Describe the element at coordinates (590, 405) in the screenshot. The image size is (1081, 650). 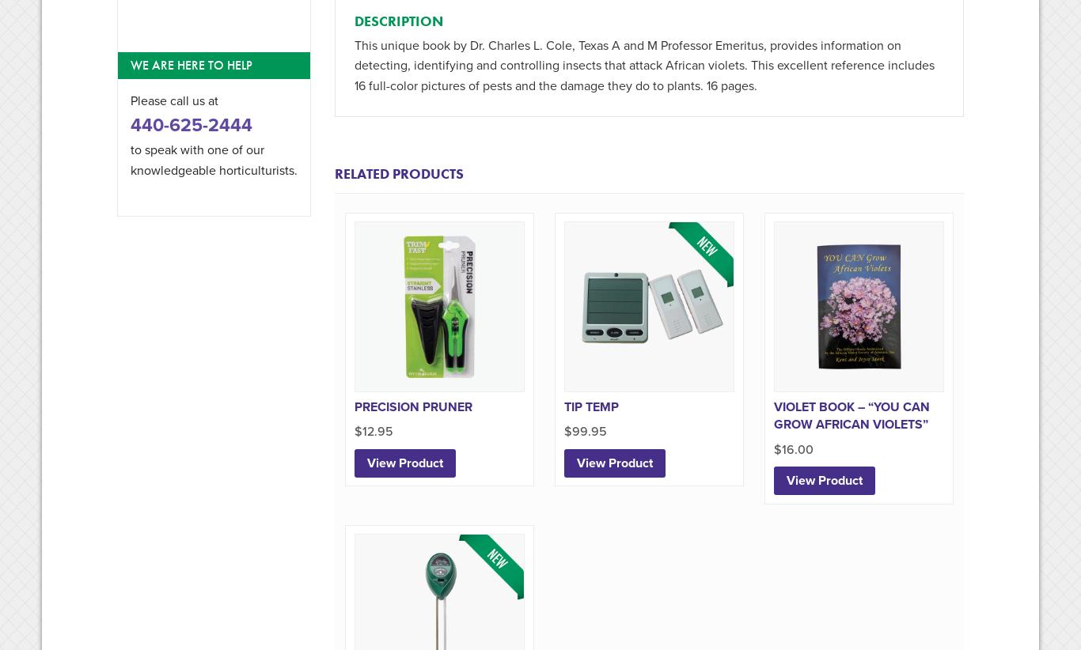
I see `'Tip Temp'` at that location.